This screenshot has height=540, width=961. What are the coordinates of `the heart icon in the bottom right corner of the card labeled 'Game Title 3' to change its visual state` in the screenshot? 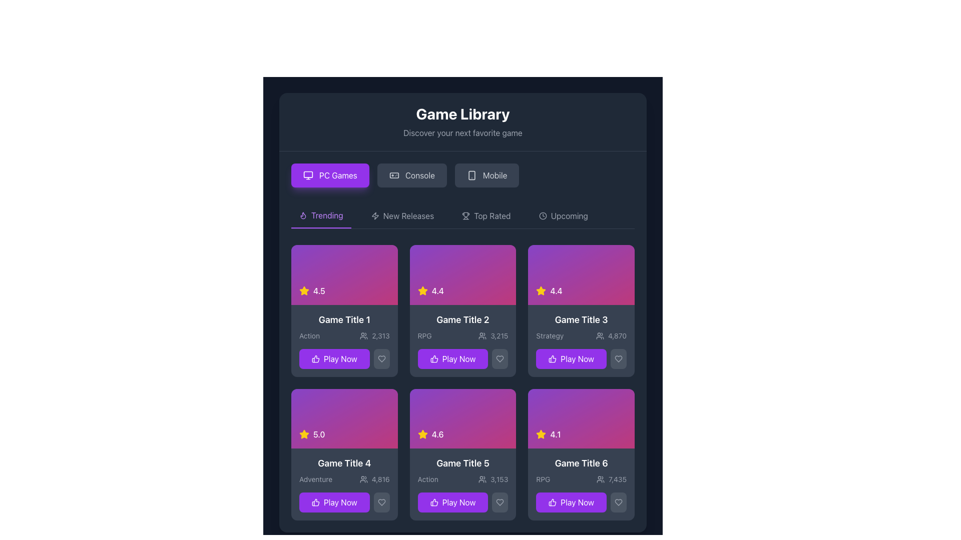 It's located at (618, 358).